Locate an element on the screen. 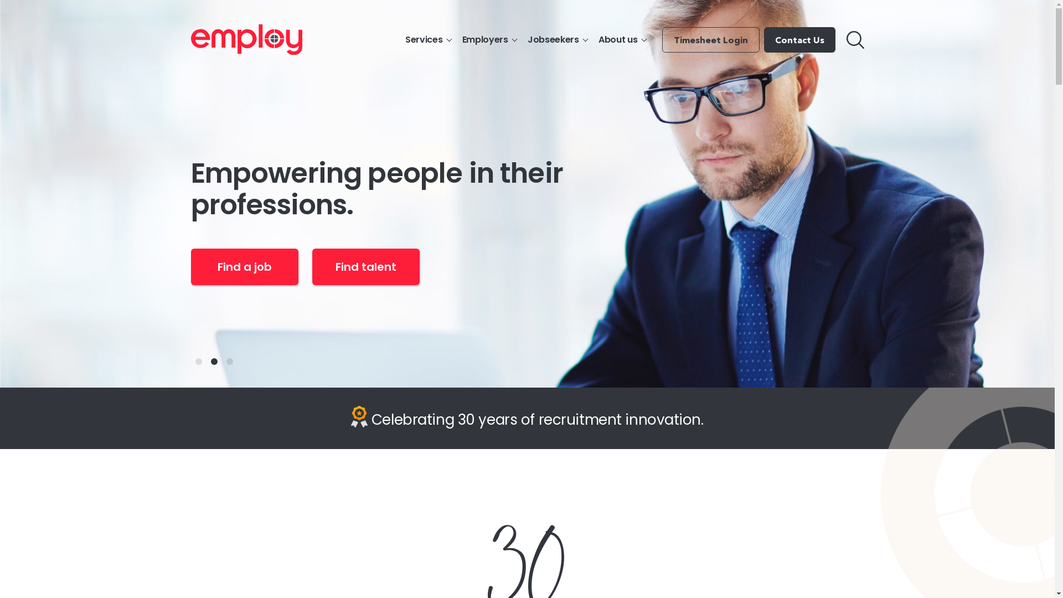 This screenshot has height=598, width=1063. 'Contact Us' is located at coordinates (799, 39).